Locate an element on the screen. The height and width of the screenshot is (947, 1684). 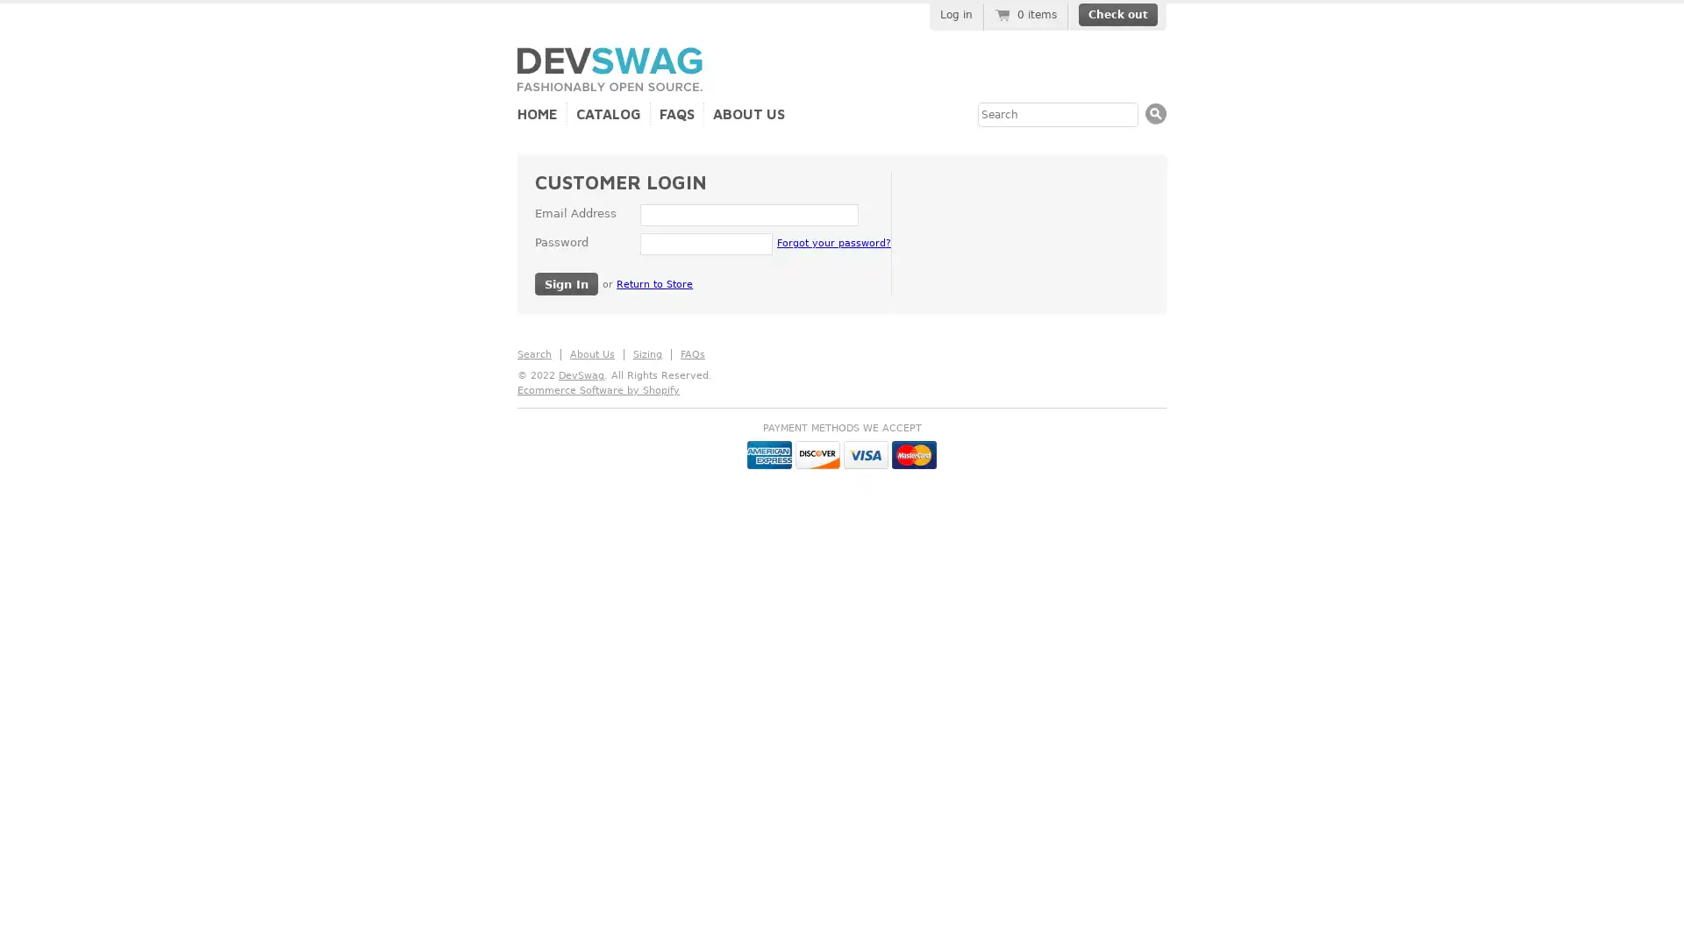
Search is located at coordinates (1156, 113).